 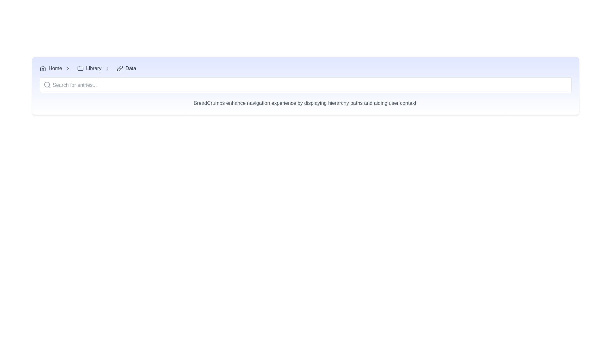 I want to click on the breadcrumb navigation icon that signifies a link, located to the left of the 'Data' label, so click(x=120, y=68).